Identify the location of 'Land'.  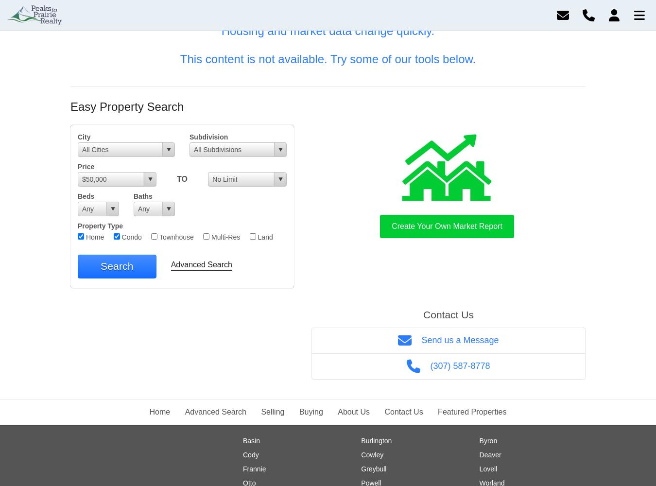
(255, 237).